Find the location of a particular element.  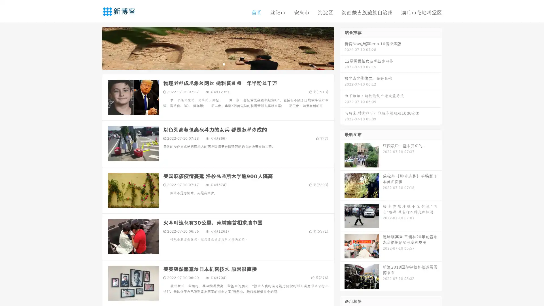

Go to slide 1 is located at coordinates (212, 64).